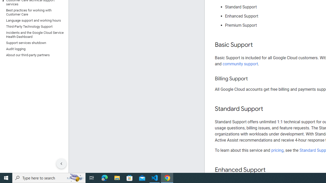 This screenshot has width=326, height=183. What do you see at coordinates (33, 12) in the screenshot?
I see `'Best practices for working with Customer Care'` at bounding box center [33, 12].